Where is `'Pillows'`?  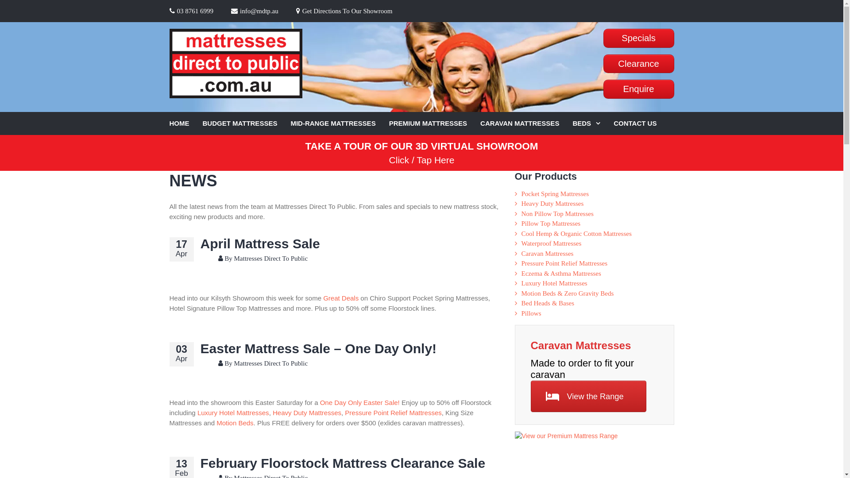
'Pillows' is located at coordinates (521, 313).